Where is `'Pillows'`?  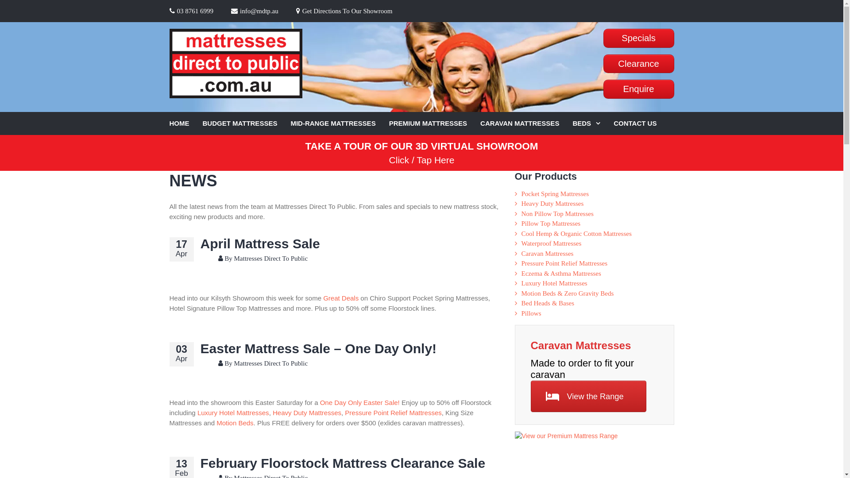
'Pillows' is located at coordinates (521, 313).